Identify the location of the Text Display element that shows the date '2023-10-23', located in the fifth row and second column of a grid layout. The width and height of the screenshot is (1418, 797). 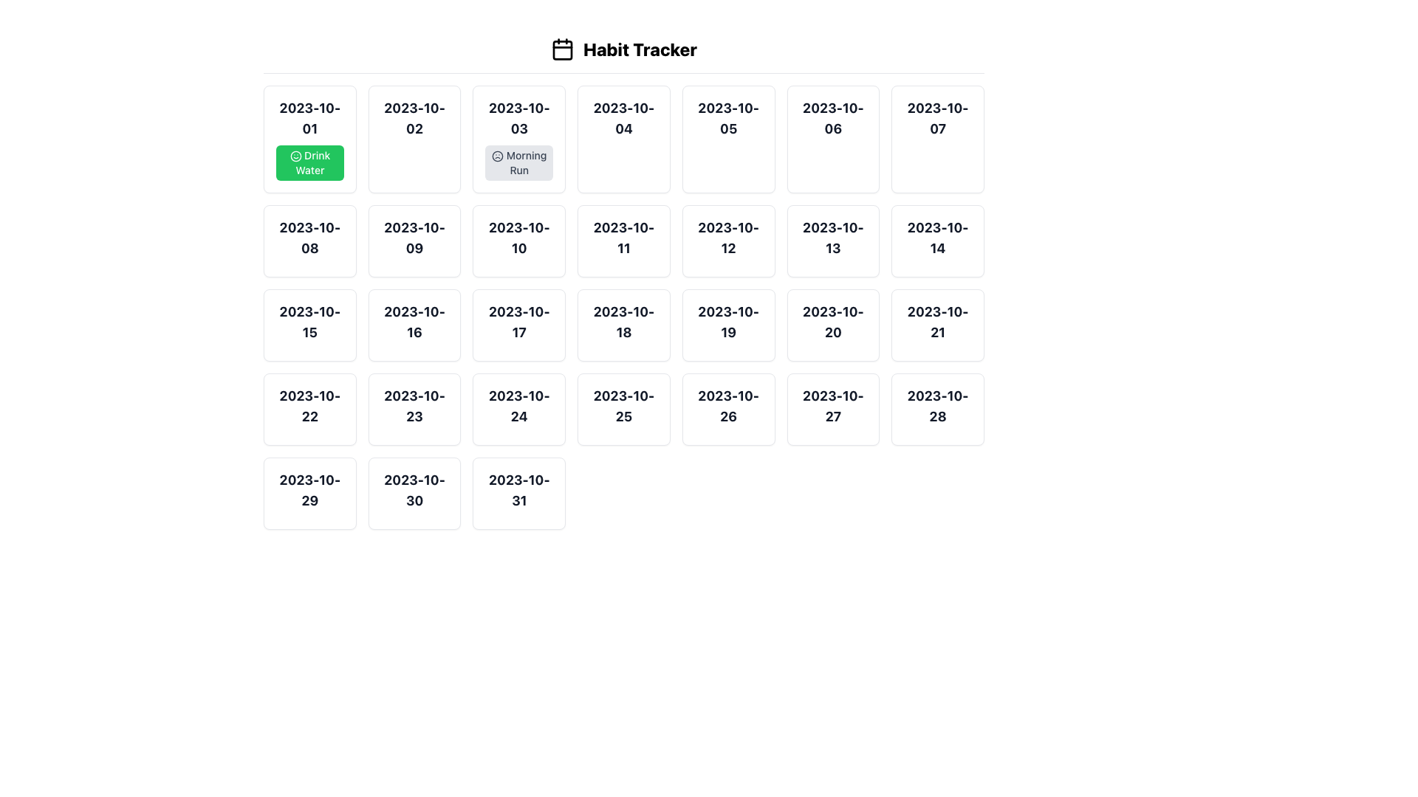
(414, 407).